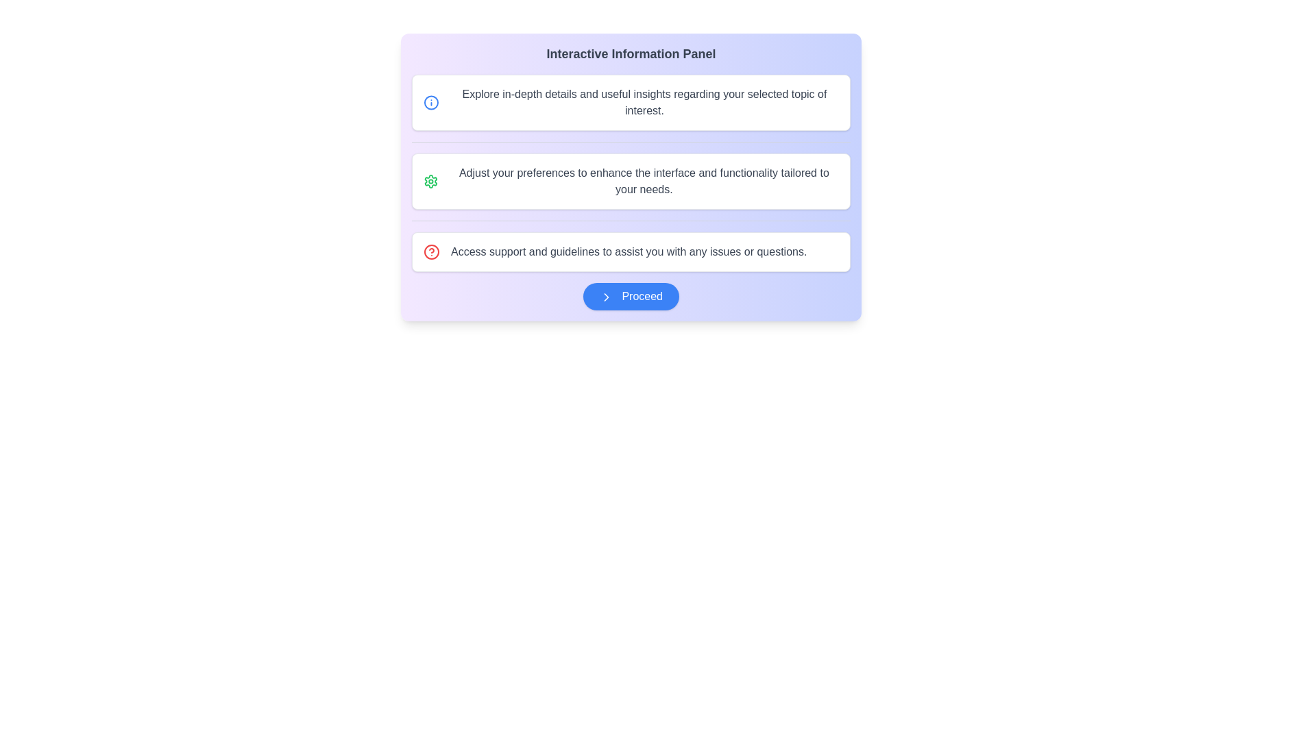 Image resolution: width=1316 pixels, height=740 pixels. I want to click on the text block that reads 'Adjust your preferences to enhance the interface and functionality tailored to your needs.', so click(643, 181).